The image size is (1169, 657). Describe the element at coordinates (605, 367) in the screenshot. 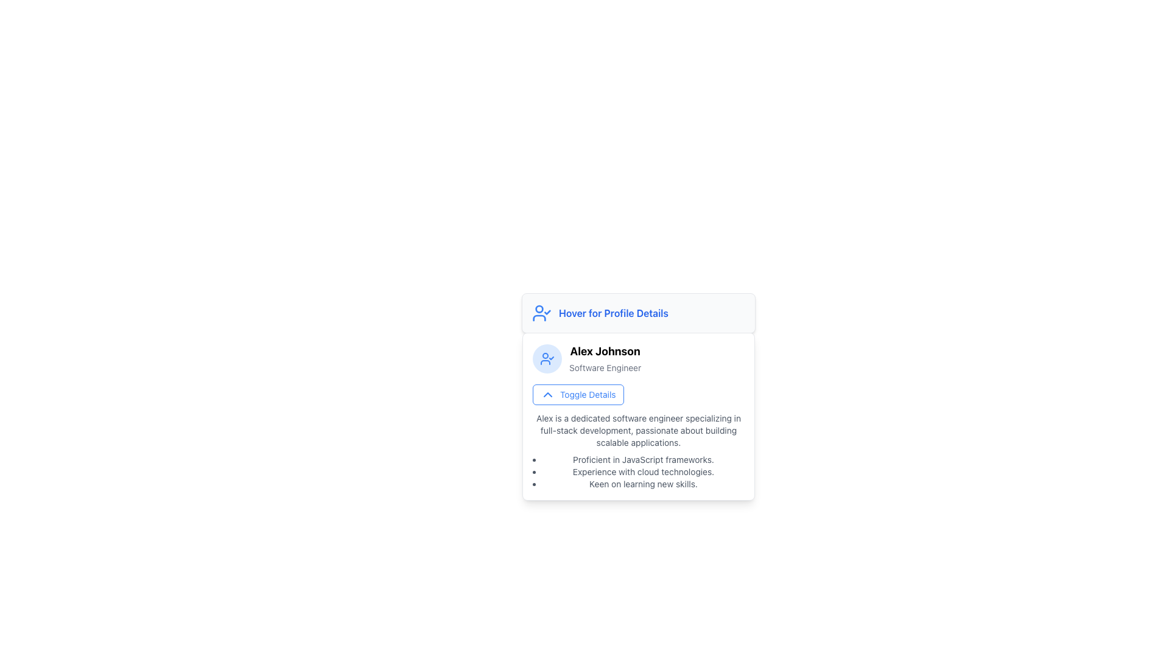

I see `the static text element displaying 'Software Engineer', which is located directly beneath the bold text 'Alex Johnson' in a profile card` at that location.